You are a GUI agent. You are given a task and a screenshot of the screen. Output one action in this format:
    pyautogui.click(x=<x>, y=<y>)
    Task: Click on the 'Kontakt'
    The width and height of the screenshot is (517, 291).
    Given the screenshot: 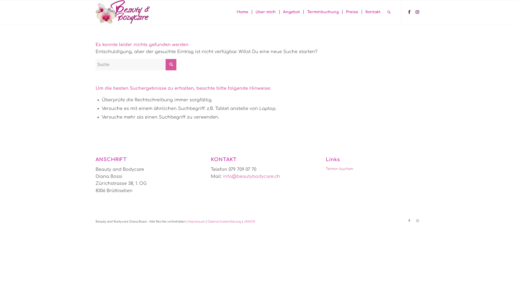 What is the action you would take?
    pyautogui.click(x=372, y=12)
    